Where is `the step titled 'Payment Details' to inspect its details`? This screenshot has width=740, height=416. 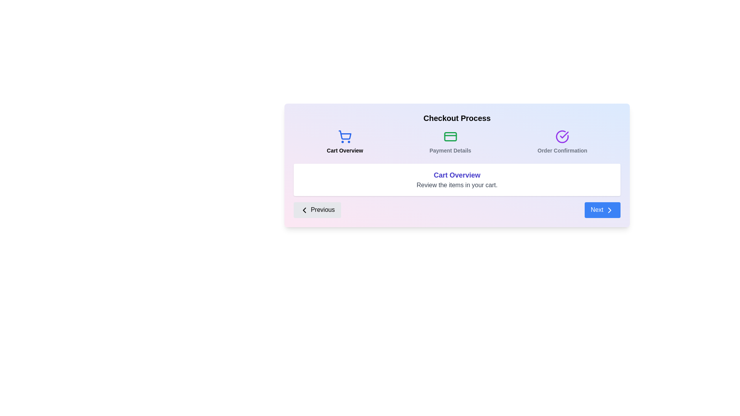
the step titled 'Payment Details' to inspect its details is located at coordinates (451, 142).